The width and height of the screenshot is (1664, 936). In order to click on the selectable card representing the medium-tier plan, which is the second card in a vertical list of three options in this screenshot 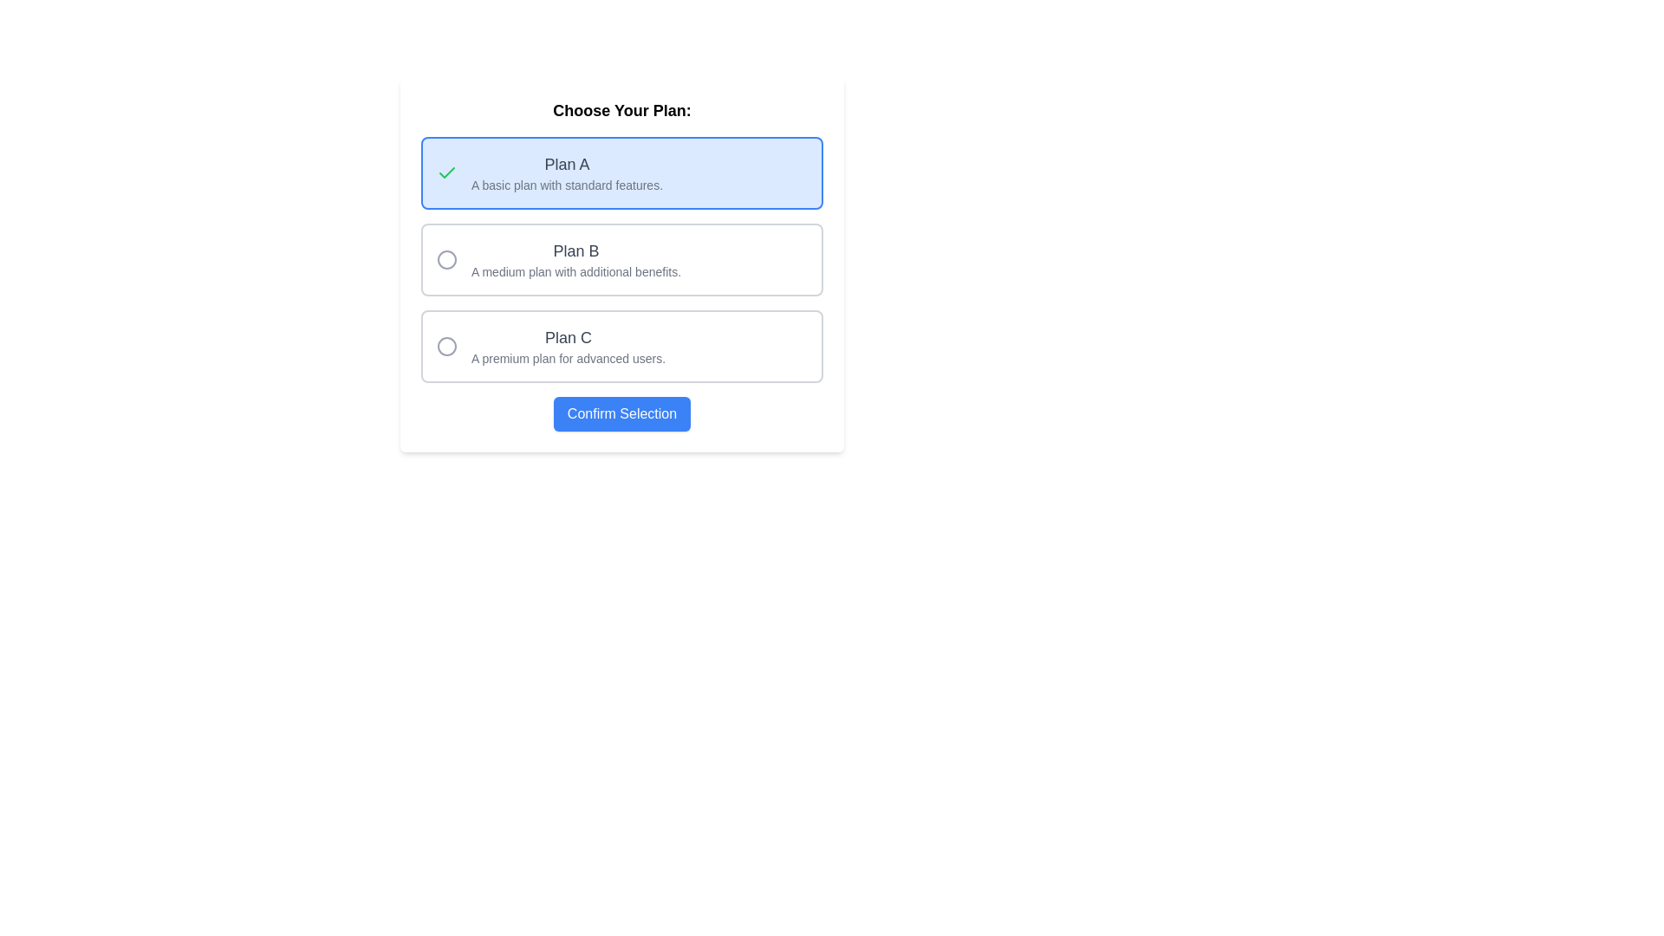, I will do `click(622, 260)`.